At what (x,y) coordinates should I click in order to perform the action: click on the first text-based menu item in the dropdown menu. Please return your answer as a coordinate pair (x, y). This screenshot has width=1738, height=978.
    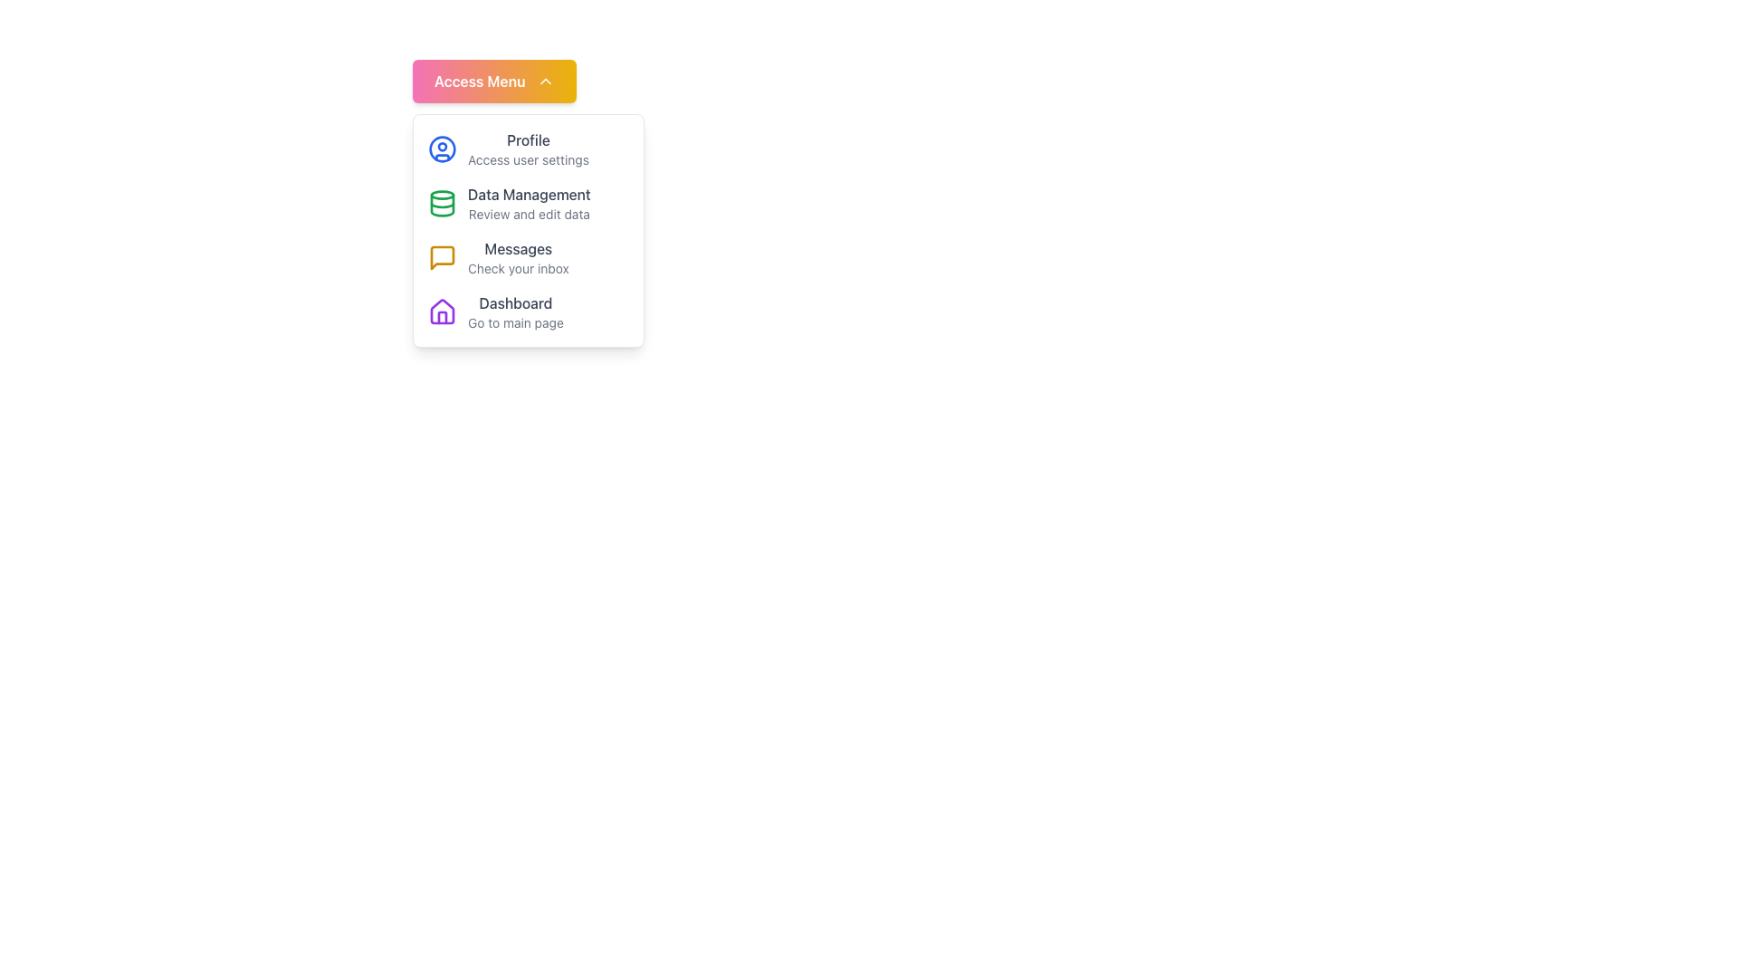
    Looking at the image, I should click on (527, 149).